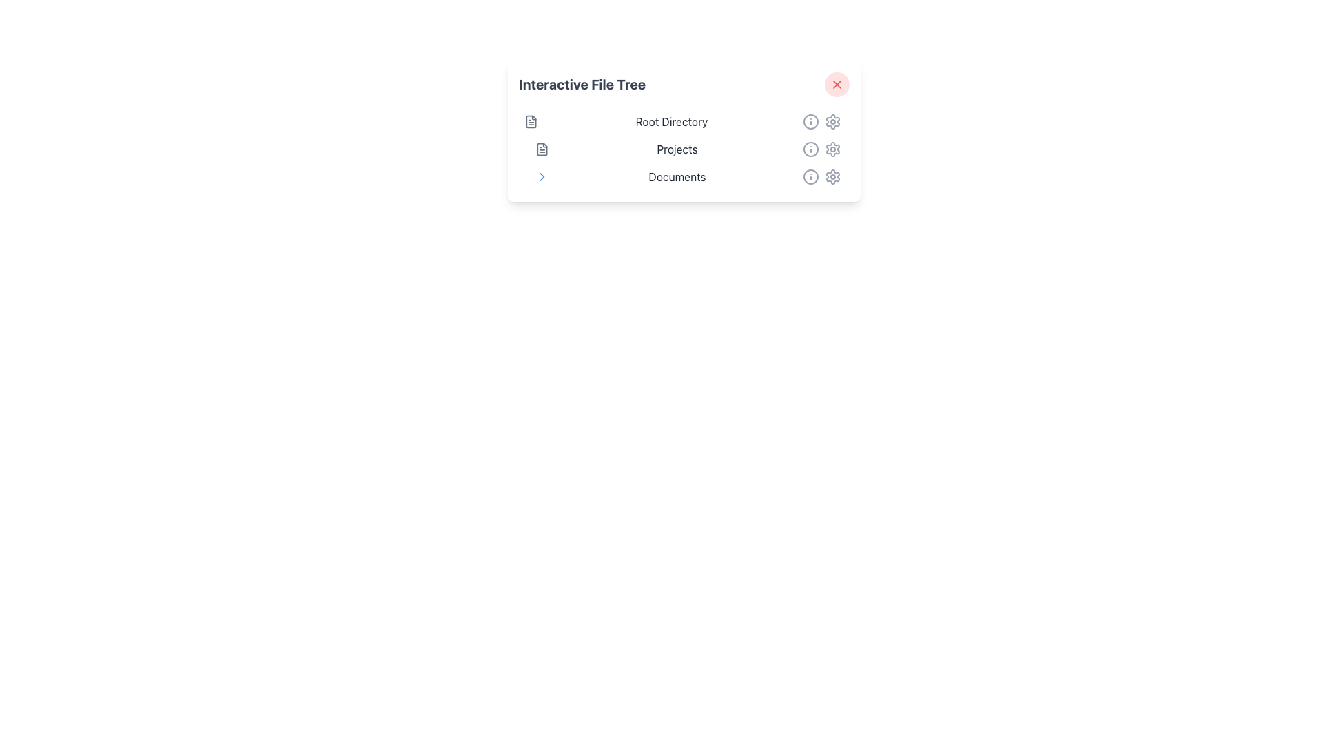 The image size is (1323, 744). Describe the element at coordinates (542, 149) in the screenshot. I see `the document or file icon located to the left of the 'Projects' label in the file tree interface` at that location.